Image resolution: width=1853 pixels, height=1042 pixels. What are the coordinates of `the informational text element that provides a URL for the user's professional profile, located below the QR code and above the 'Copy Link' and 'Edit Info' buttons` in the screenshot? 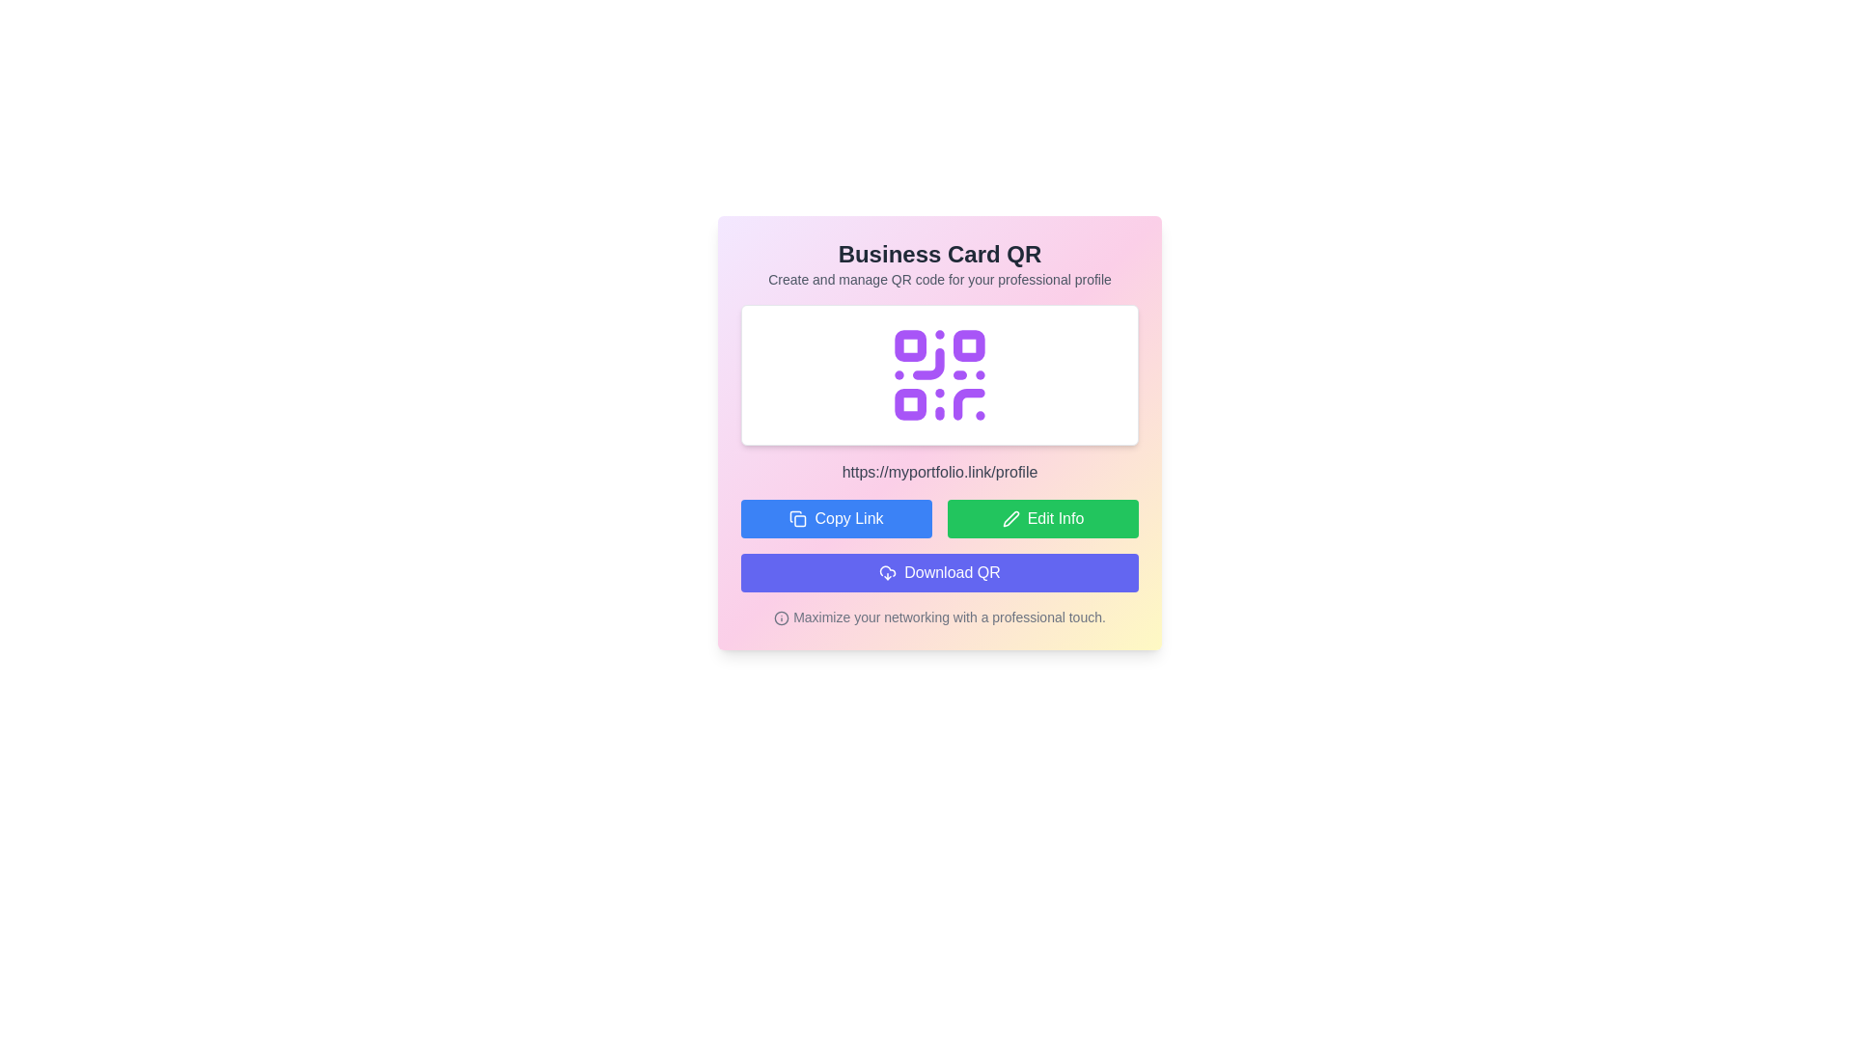 It's located at (940, 472).